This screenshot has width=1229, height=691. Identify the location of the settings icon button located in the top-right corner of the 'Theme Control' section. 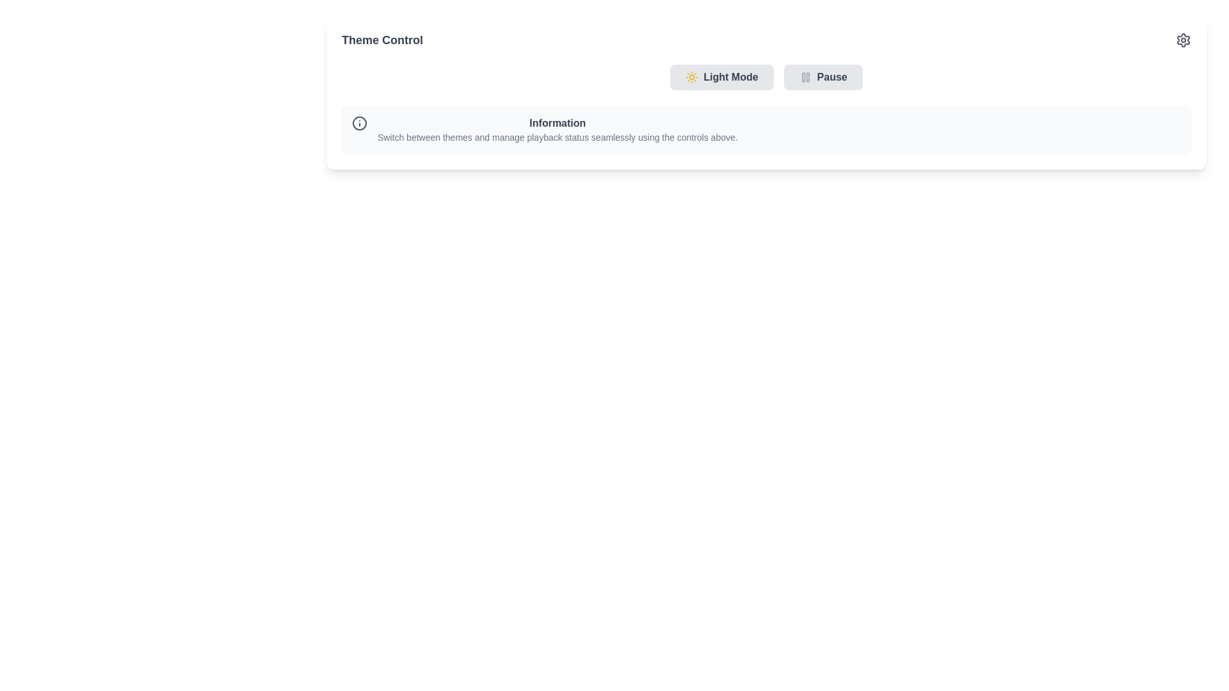
(1182, 39).